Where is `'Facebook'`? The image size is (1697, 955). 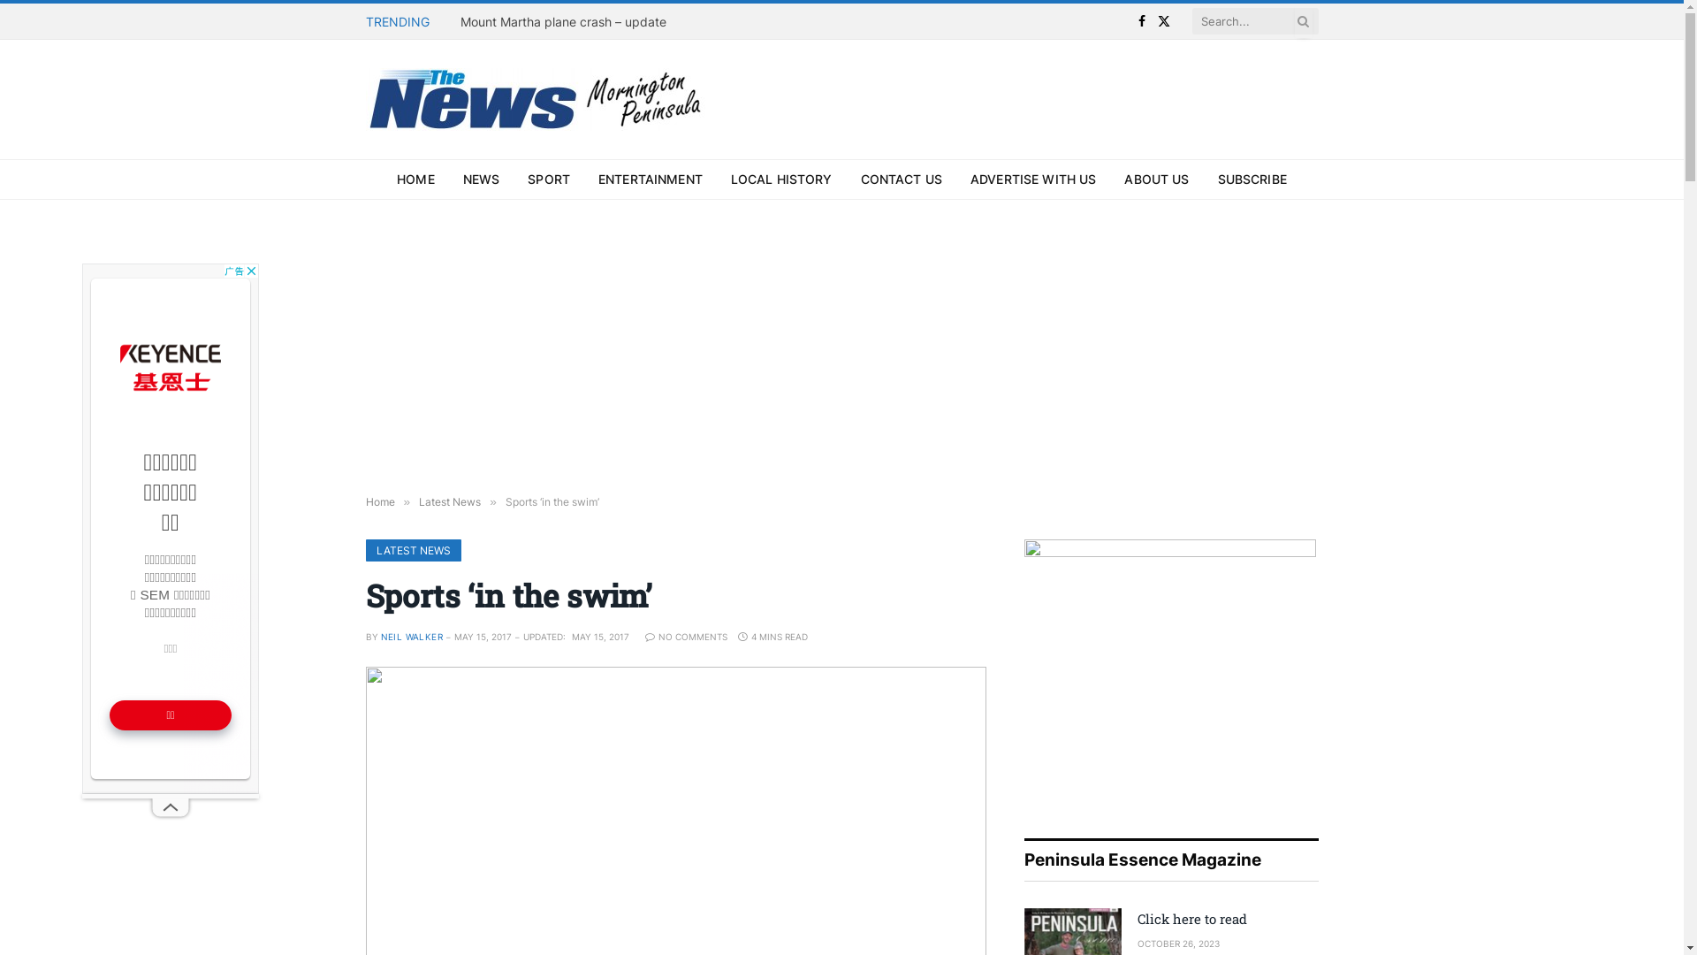
'Facebook' is located at coordinates (1142, 20).